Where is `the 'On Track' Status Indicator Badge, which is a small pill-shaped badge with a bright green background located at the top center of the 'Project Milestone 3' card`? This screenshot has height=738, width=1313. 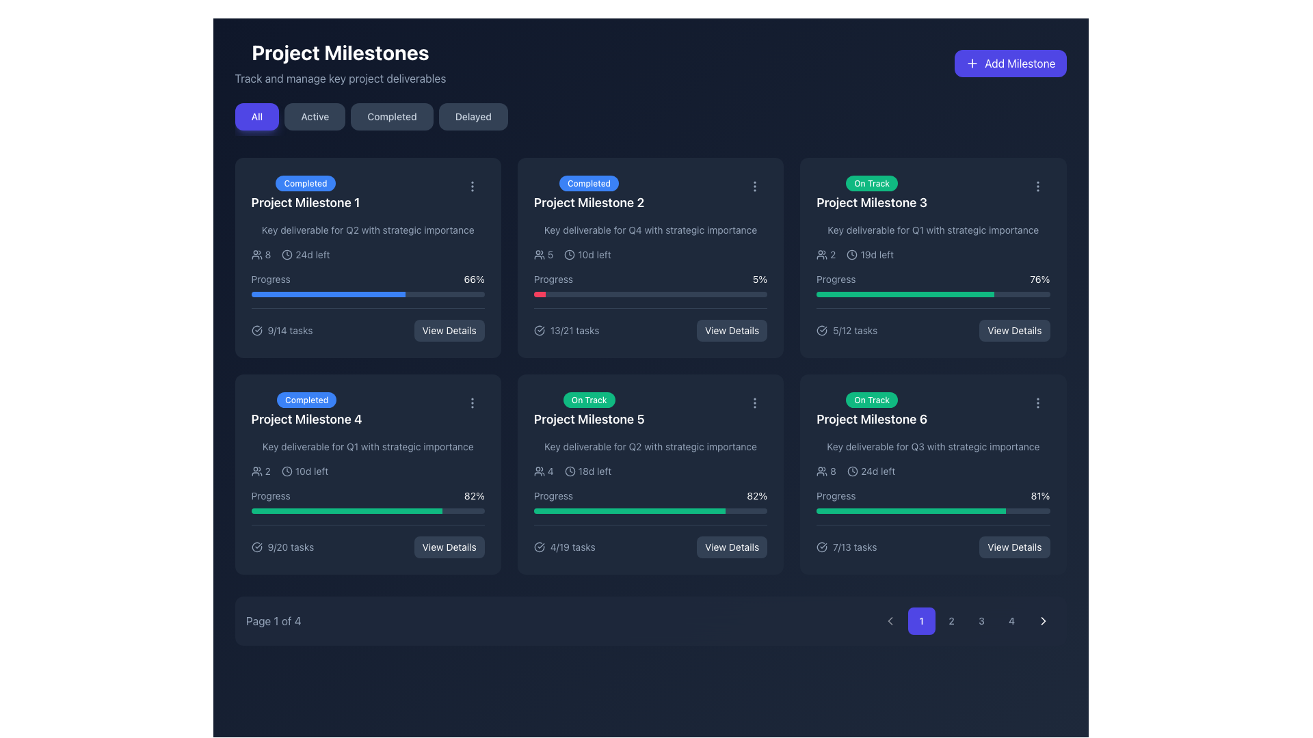 the 'On Track' Status Indicator Badge, which is a small pill-shaped badge with a bright green background located at the top center of the 'Project Milestone 3' card is located at coordinates (871, 182).